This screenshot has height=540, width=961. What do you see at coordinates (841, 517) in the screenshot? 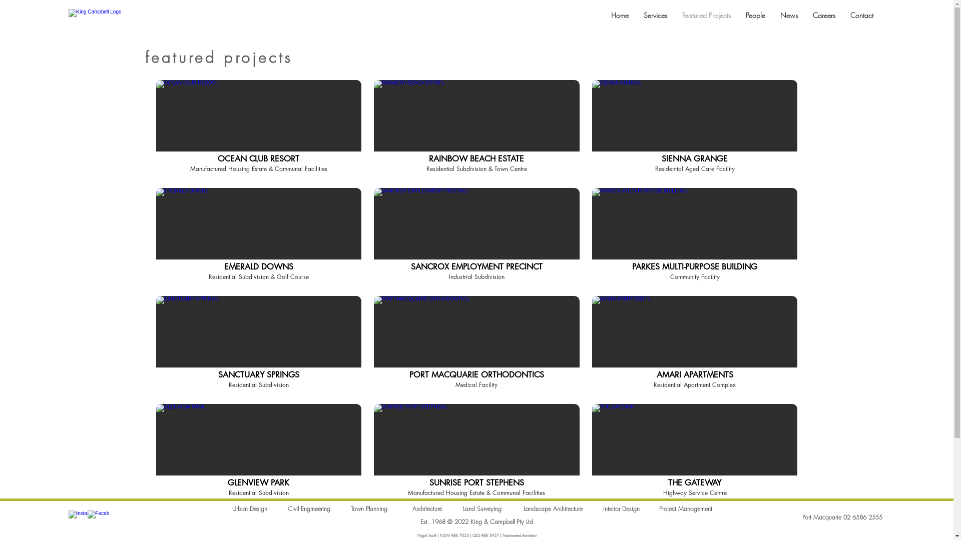
I see `'Port Macquarie 02 6586 2555'` at bounding box center [841, 517].